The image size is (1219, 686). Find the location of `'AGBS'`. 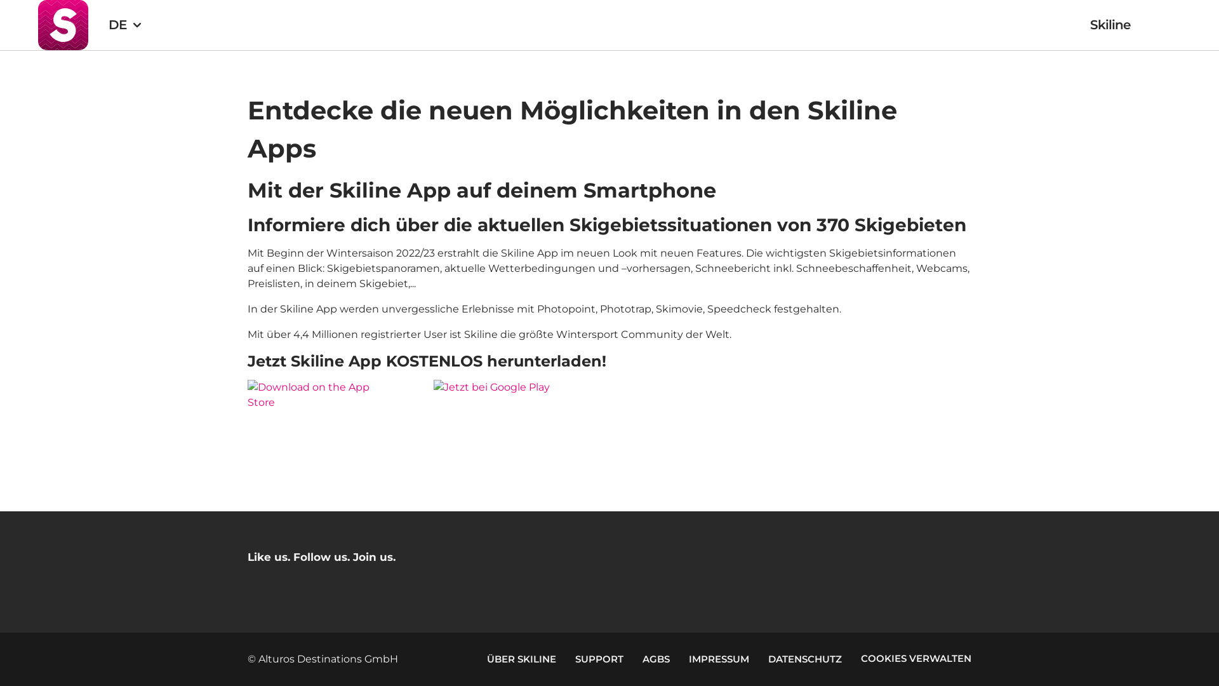

'AGBS' is located at coordinates (656, 658).